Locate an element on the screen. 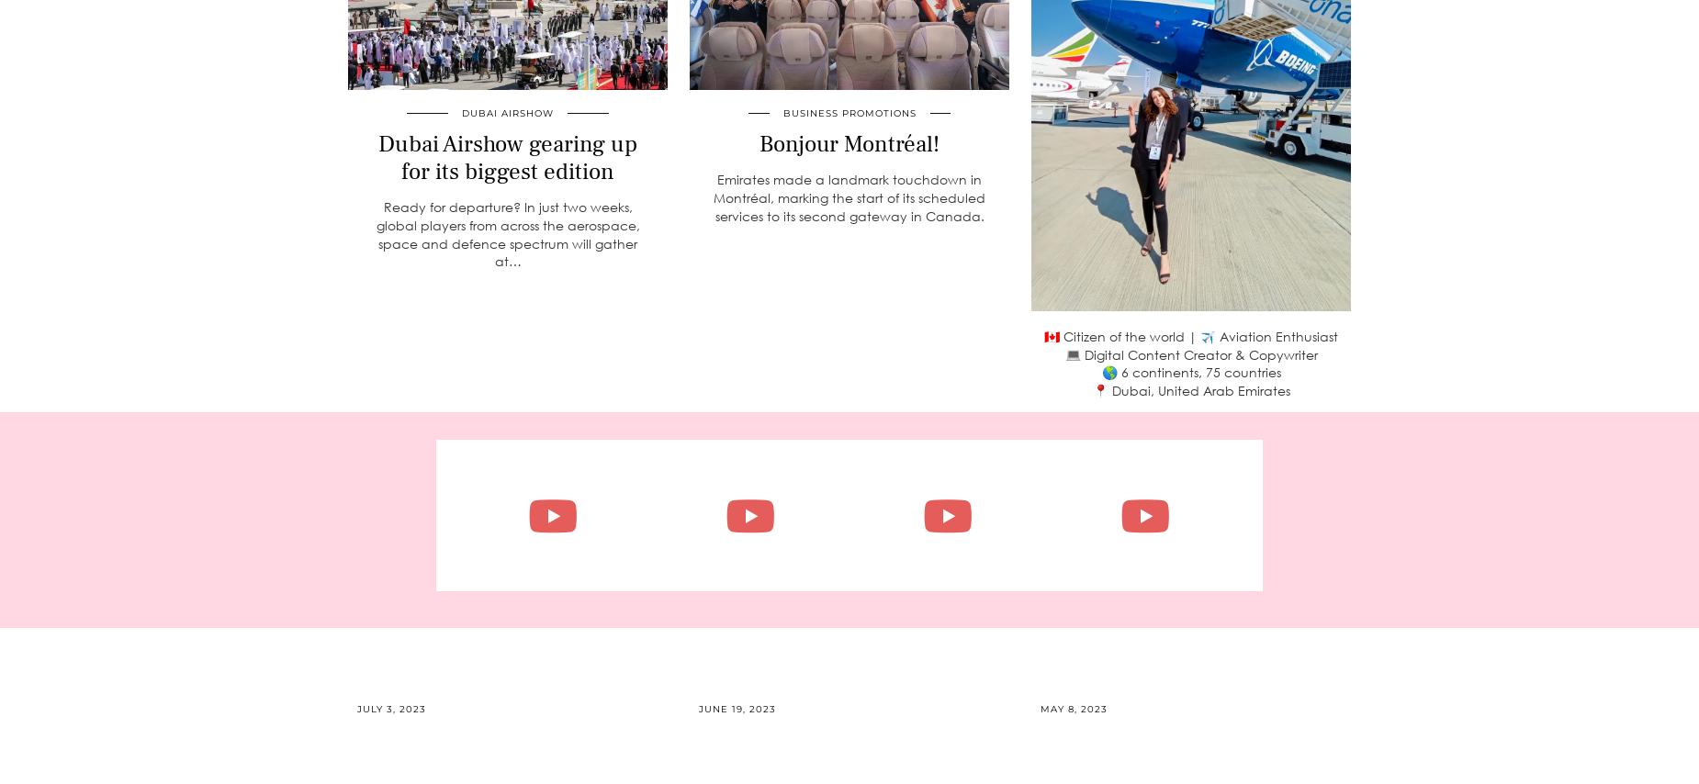 The image size is (1699, 784). '🇨🇦  Citizen of the world | ✈️  Aviation Enthusiast' is located at coordinates (1190, 335).